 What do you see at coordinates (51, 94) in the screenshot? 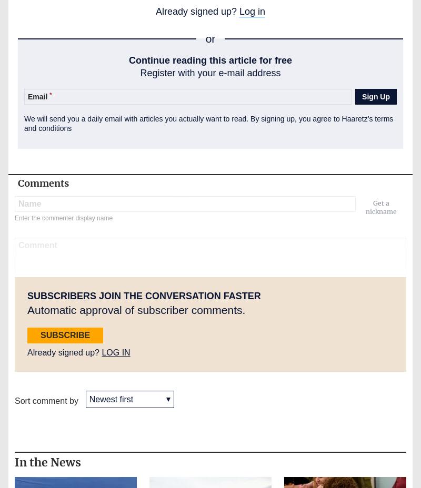
I see `'*'` at bounding box center [51, 94].